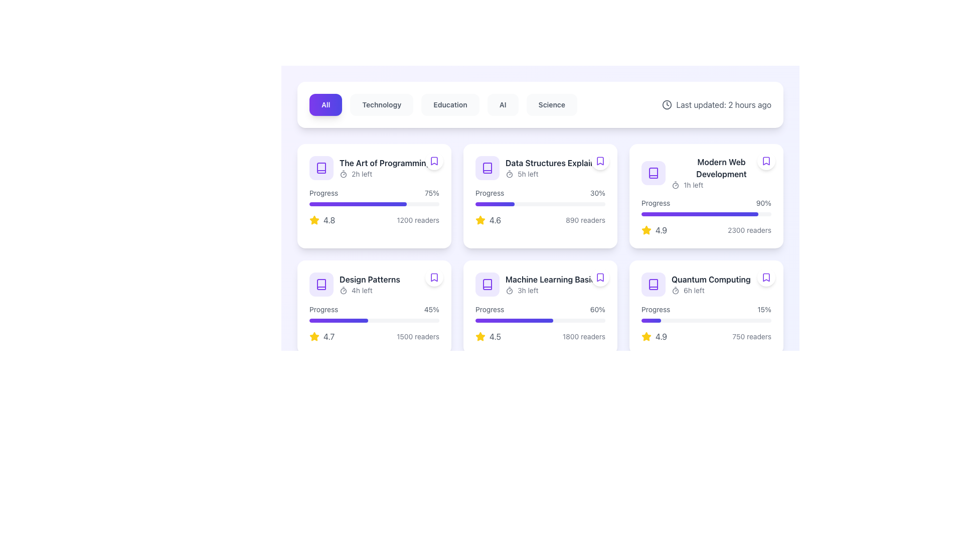 The width and height of the screenshot is (963, 542). What do you see at coordinates (540, 204) in the screenshot?
I see `the progress bar located at the bottom of the card titled 'Data Structures Explained', which has a light gray background and a filled portion styled with a purple gradient, covering approximately 30% of its length` at bounding box center [540, 204].